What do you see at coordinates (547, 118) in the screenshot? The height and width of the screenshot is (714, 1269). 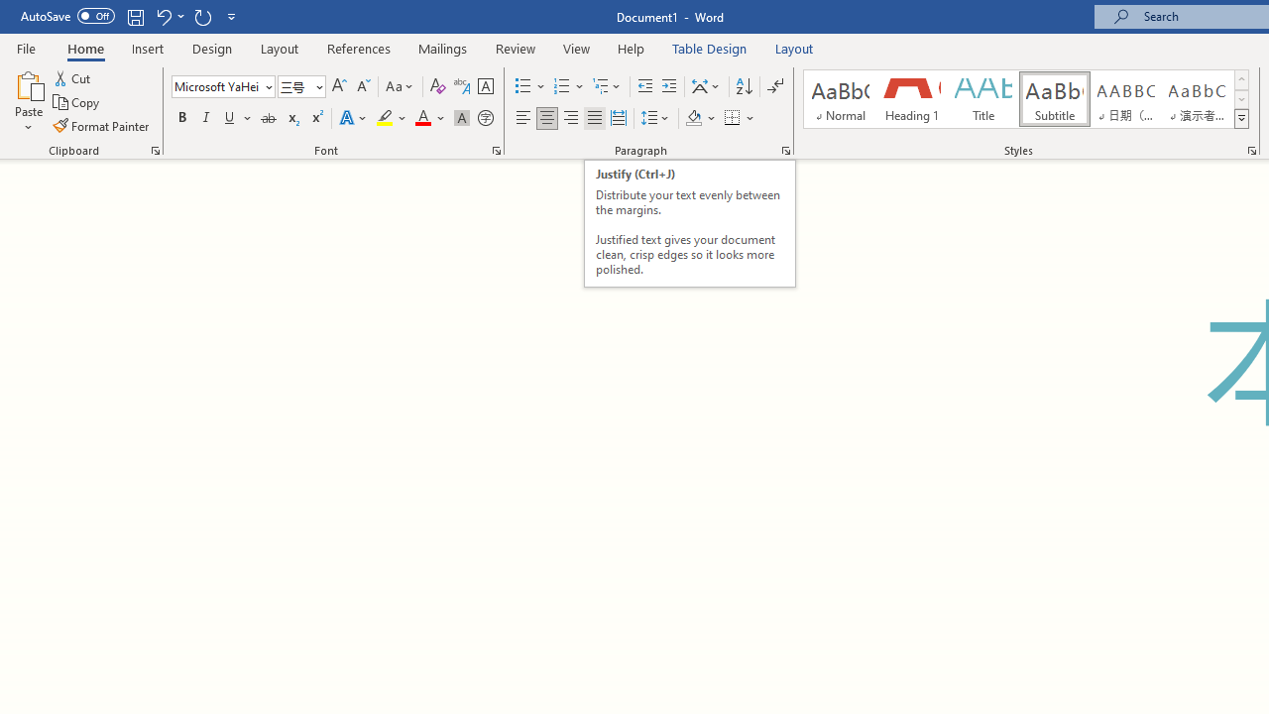 I see `'Center'` at bounding box center [547, 118].